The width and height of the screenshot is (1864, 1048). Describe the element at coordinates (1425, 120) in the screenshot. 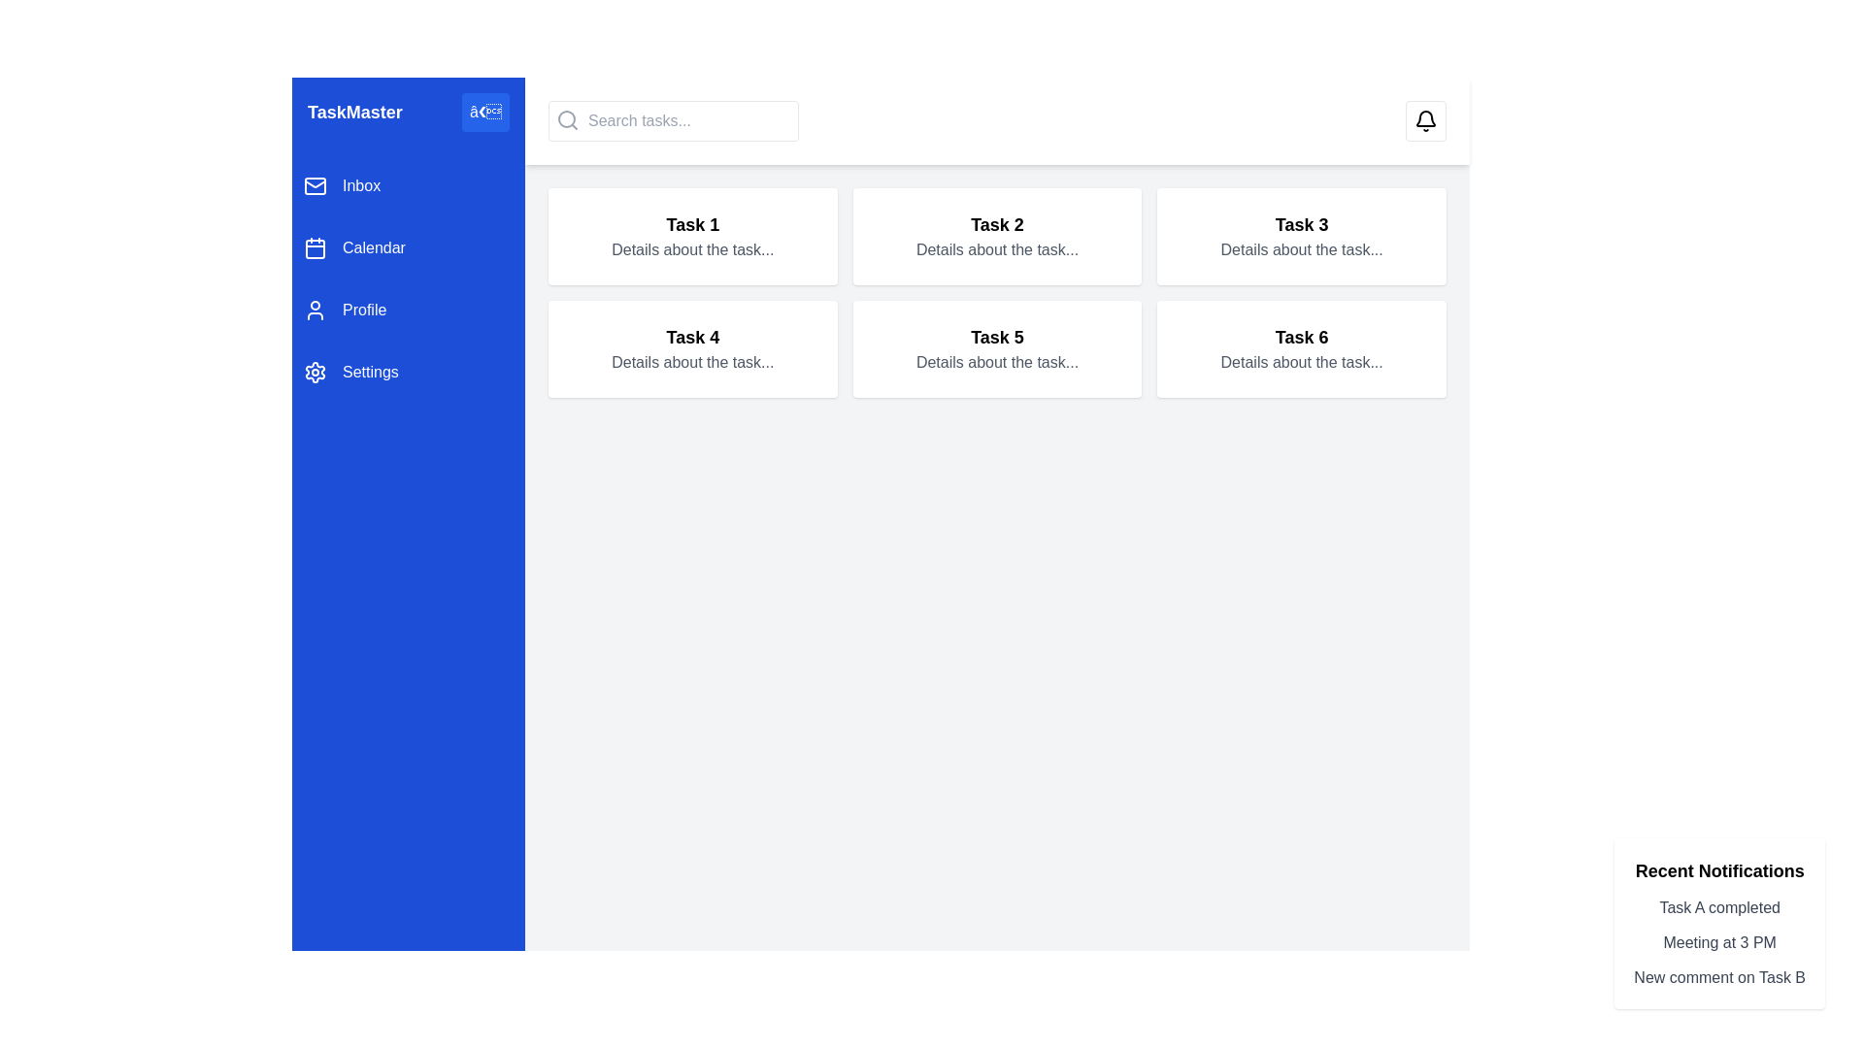

I see `the notification bell icon located in the top-right corner of the interface` at that location.